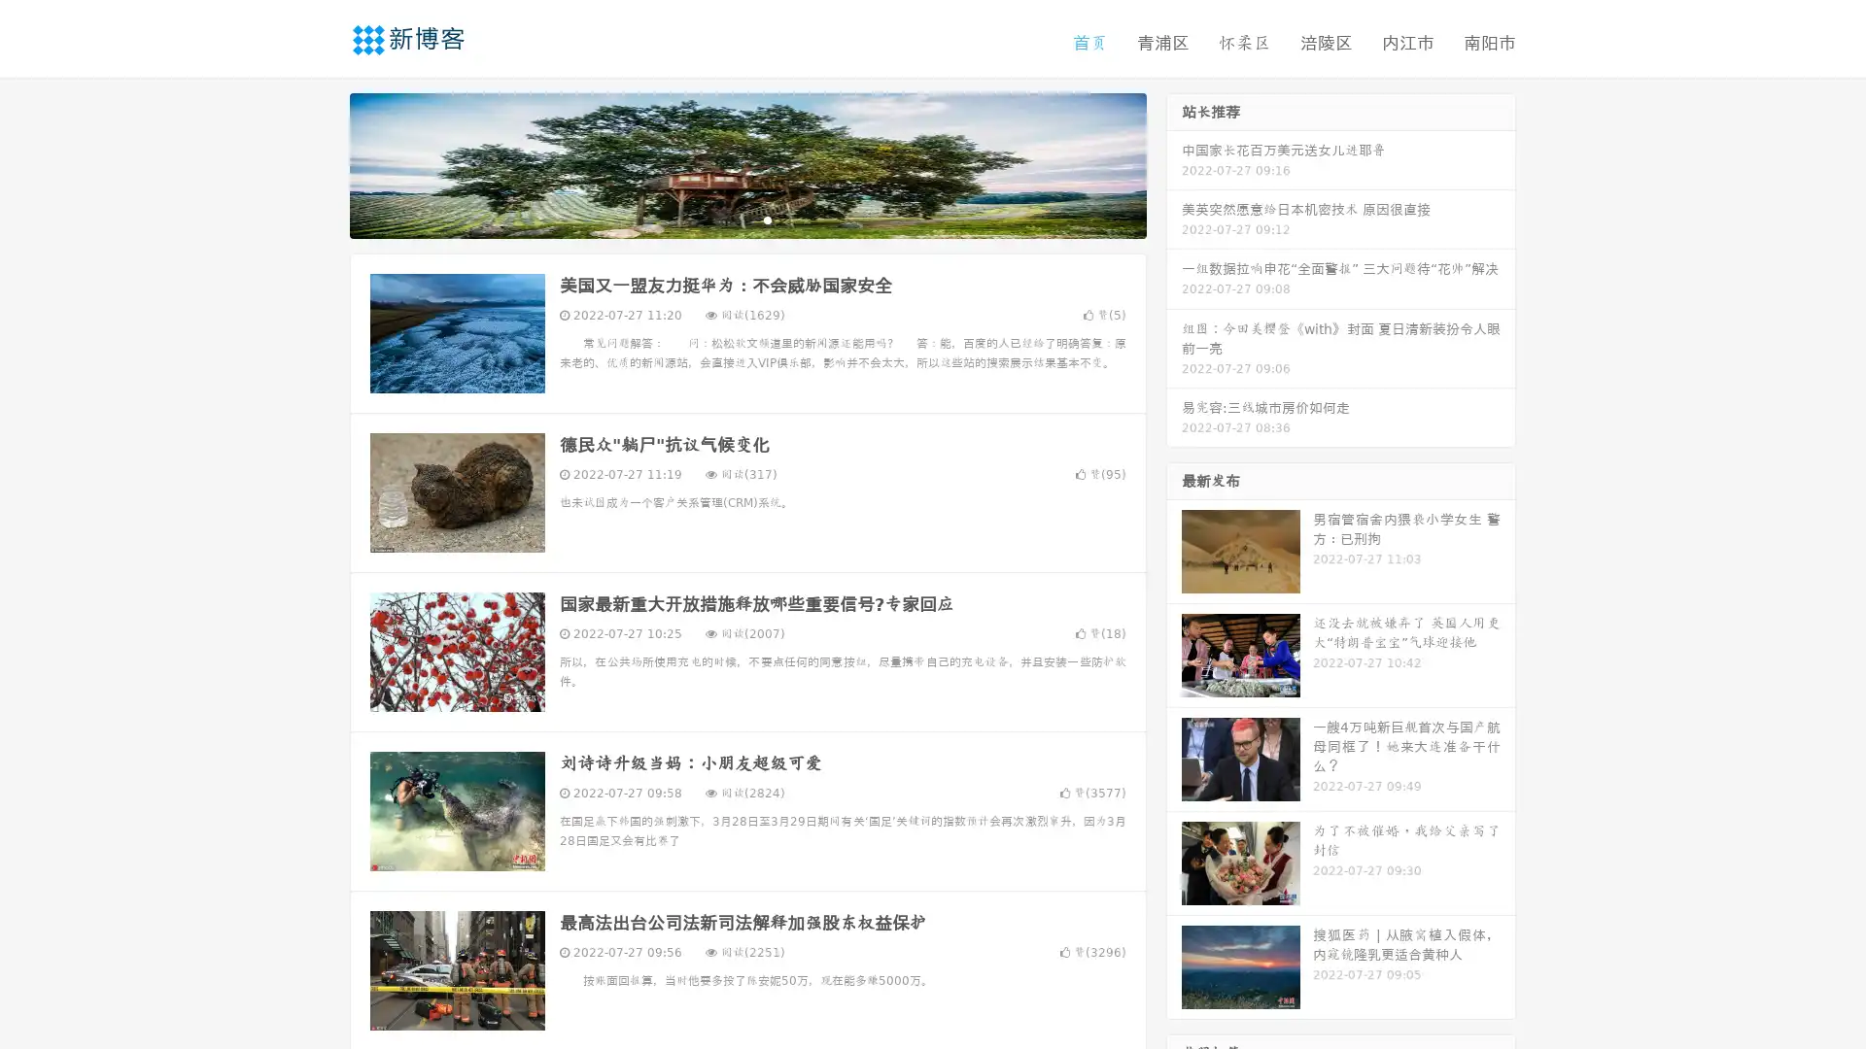 The image size is (1866, 1049). Describe the element at coordinates (746, 219) in the screenshot. I see `Go to slide 2` at that location.